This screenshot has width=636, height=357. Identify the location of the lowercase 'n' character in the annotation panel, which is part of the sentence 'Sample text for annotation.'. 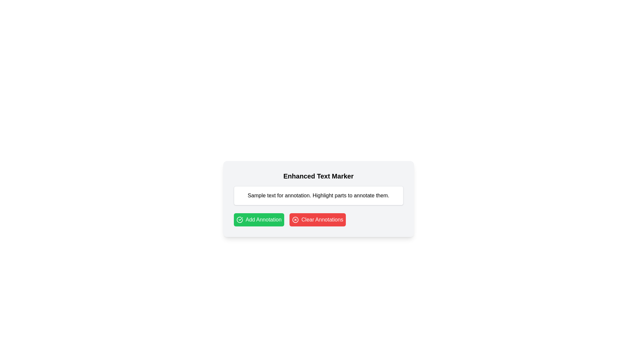
(358, 195).